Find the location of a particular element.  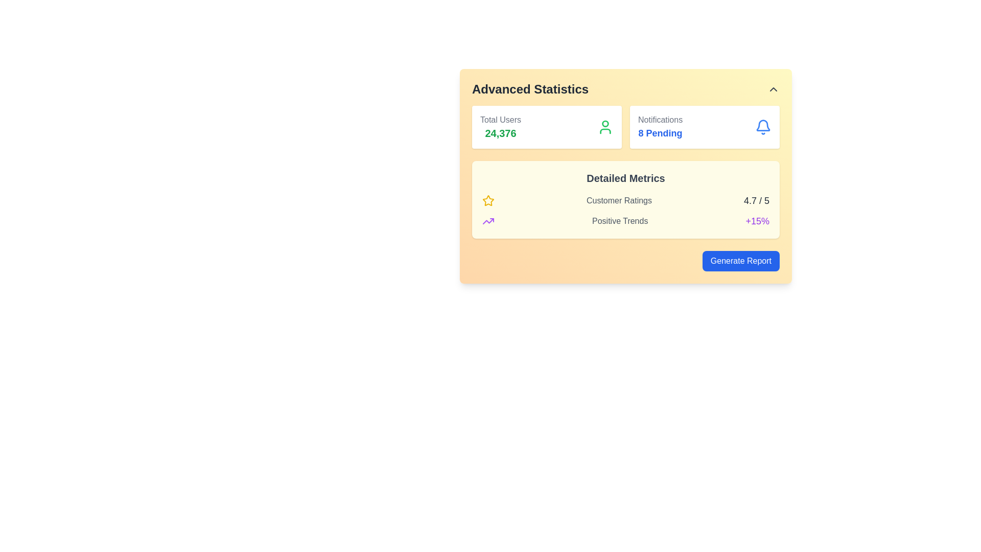

the semi-circular user icon located in the 'Total Users' section of the statistics card, which has a green tint and is positioned above the number '24,376' is located at coordinates (605, 131).